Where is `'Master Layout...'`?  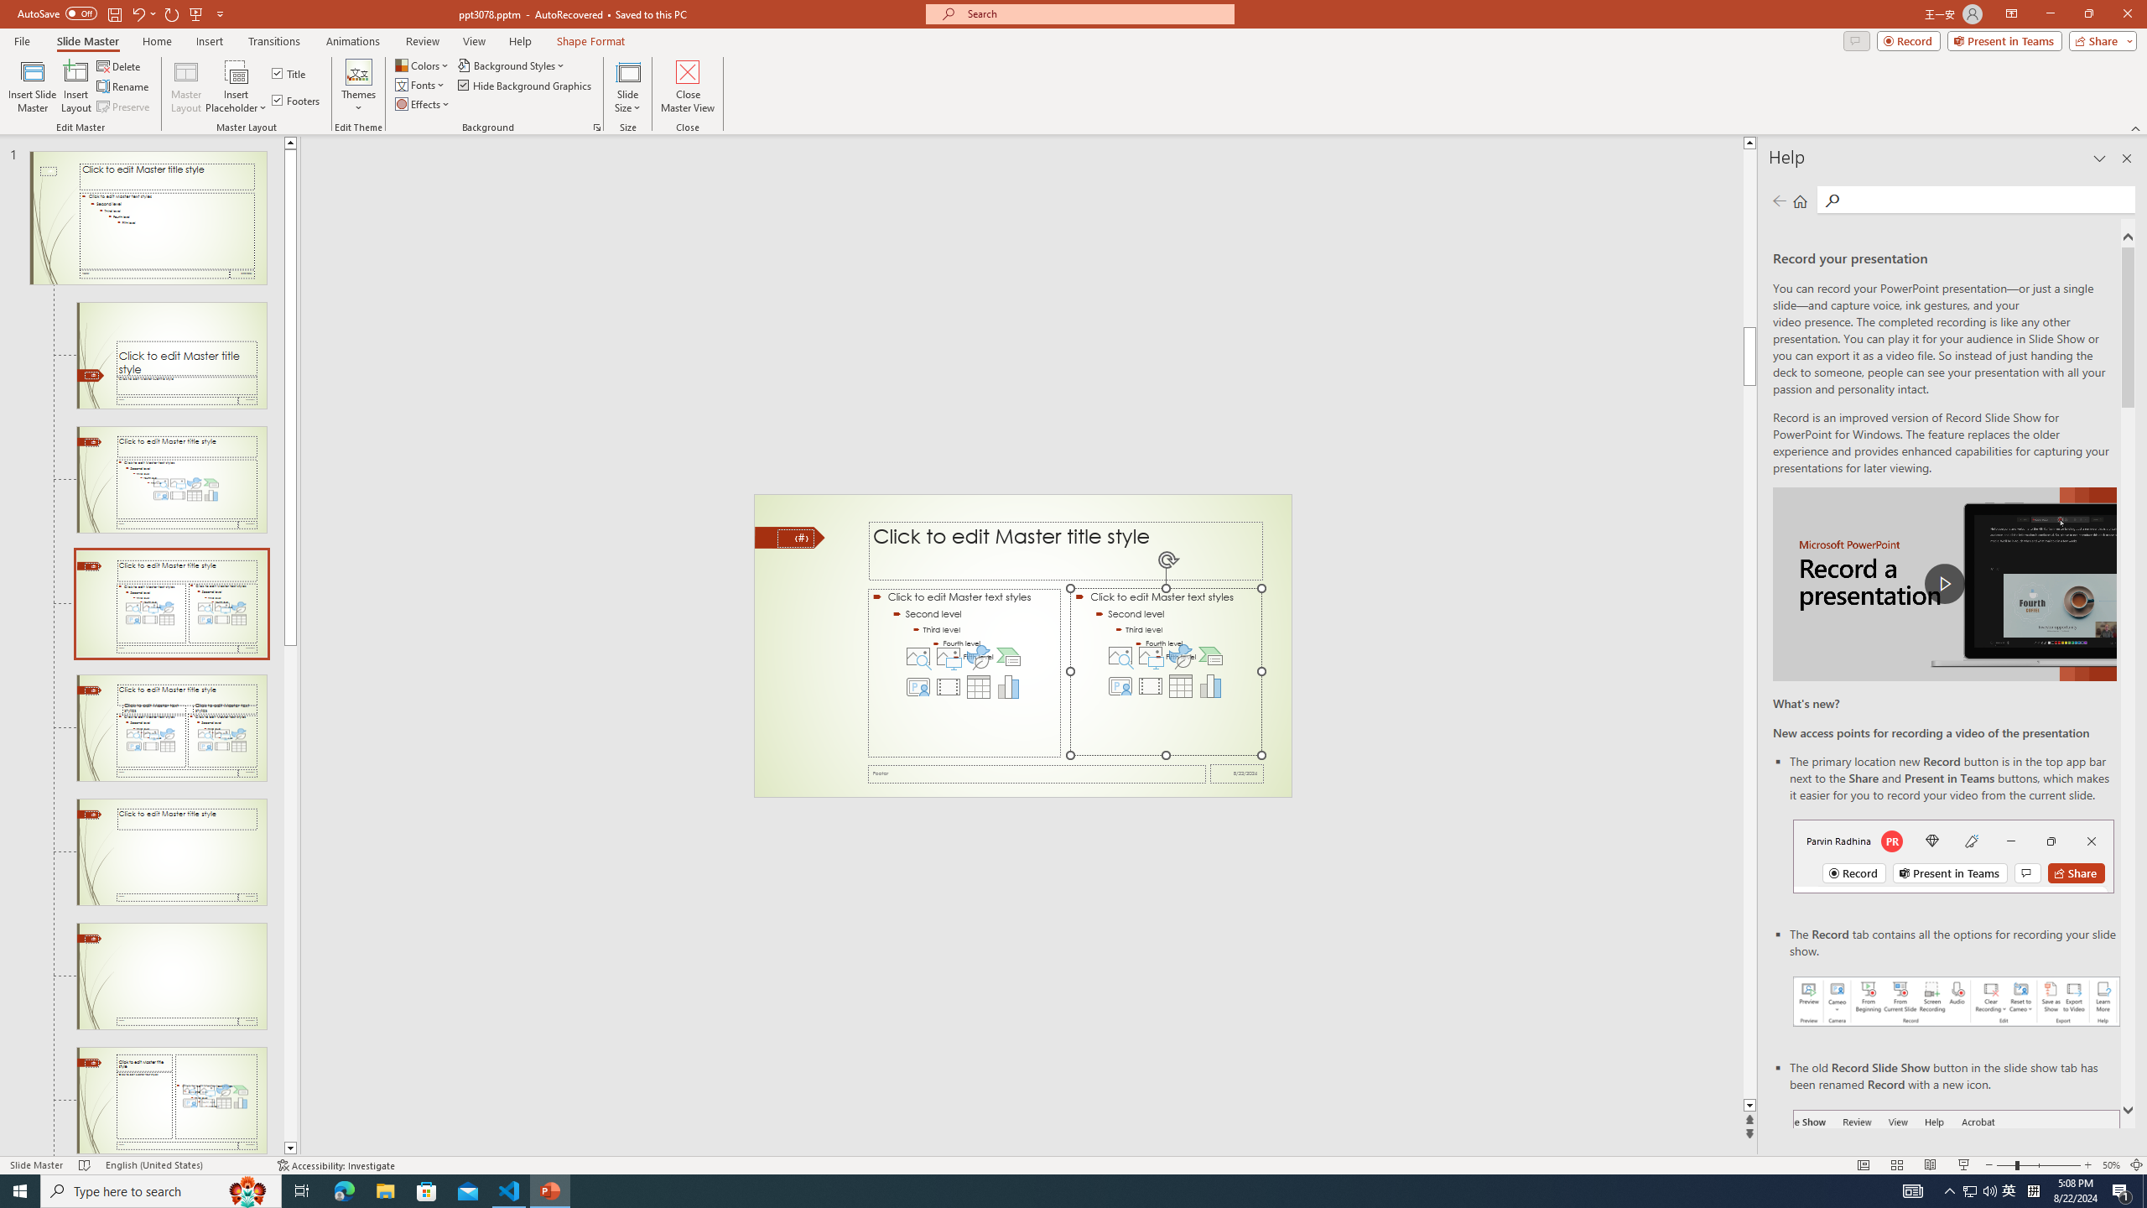 'Master Layout...' is located at coordinates (185, 86).